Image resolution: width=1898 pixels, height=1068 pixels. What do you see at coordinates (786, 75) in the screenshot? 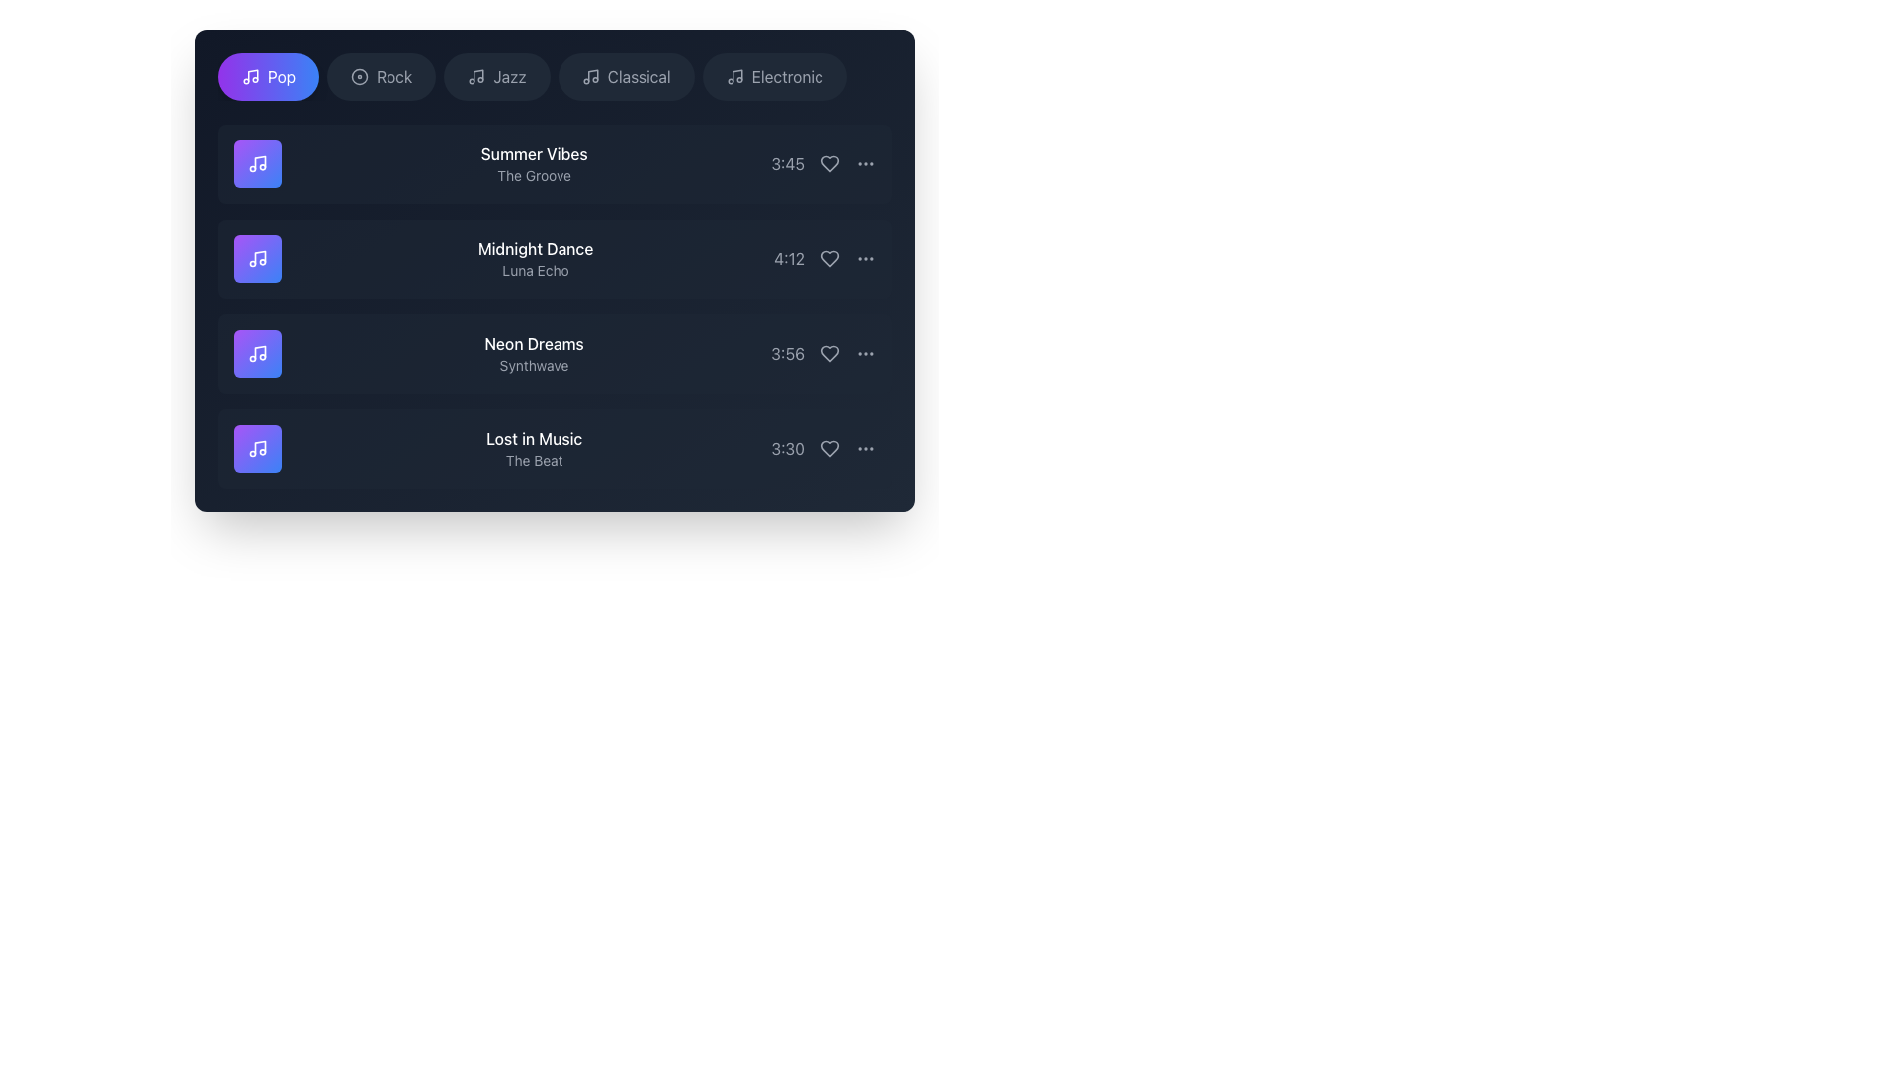
I see `the 'Electronic' label, styled in a modern sans-serif font, located in the top-right corner of the main interface segment` at bounding box center [786, 75].